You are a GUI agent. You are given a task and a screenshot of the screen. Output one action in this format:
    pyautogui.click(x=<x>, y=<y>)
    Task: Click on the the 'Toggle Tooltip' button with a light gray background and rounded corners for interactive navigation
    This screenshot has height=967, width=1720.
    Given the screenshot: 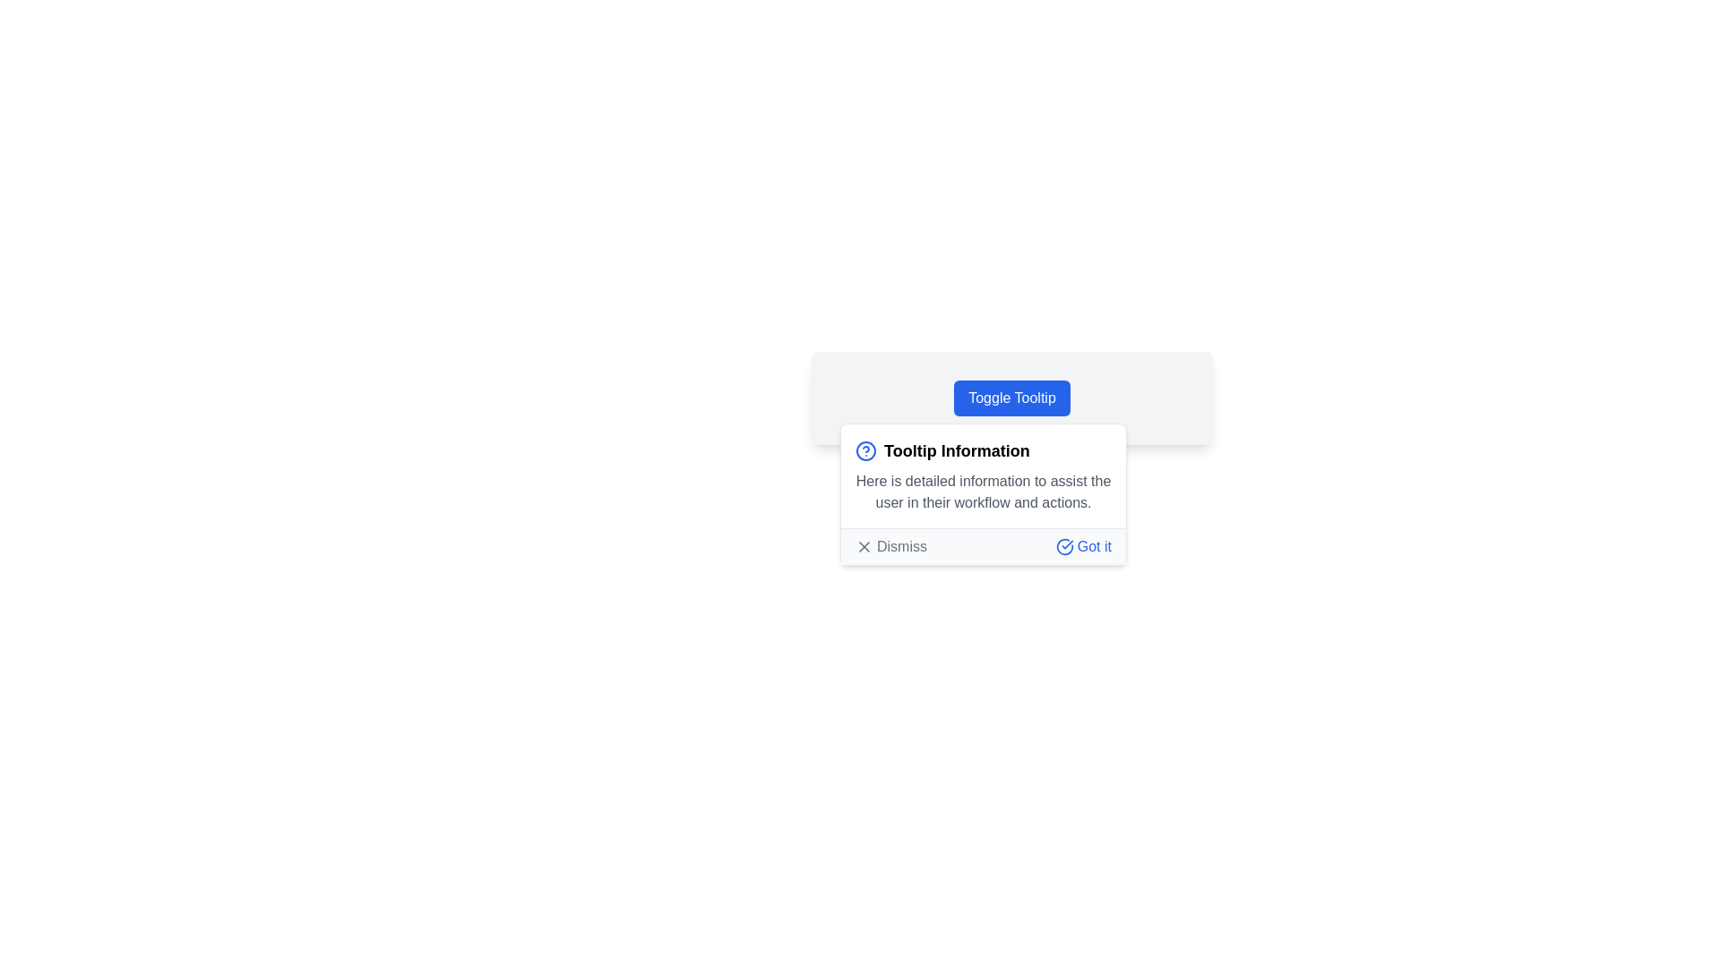 What is the action you would take?
    pyautogui.click(x=1011, y=397)
    